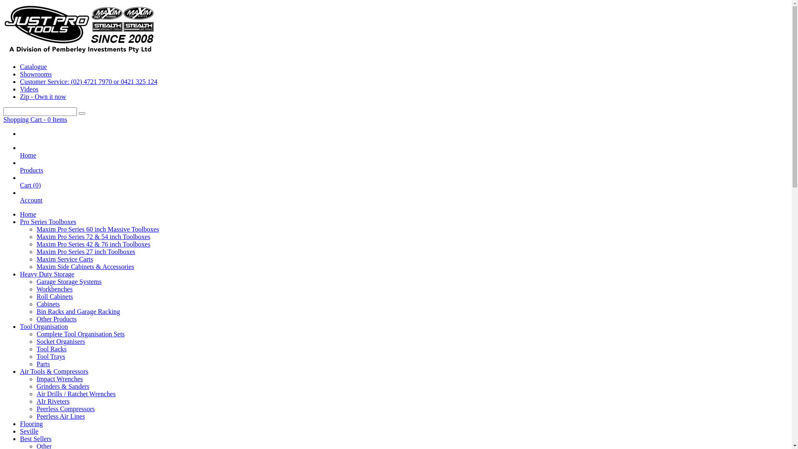  I want to click on 'Tool Trays', so click(50, 356).